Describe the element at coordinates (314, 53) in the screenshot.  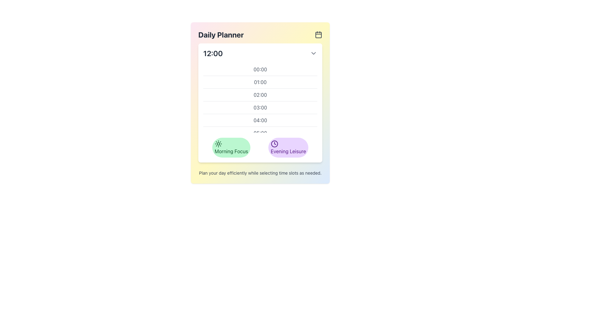
I see `the downward-pointing gray Dropdown Trigger Icon located in the top-right corner of the 'Daily Planner' section under '12:00'` at that location.